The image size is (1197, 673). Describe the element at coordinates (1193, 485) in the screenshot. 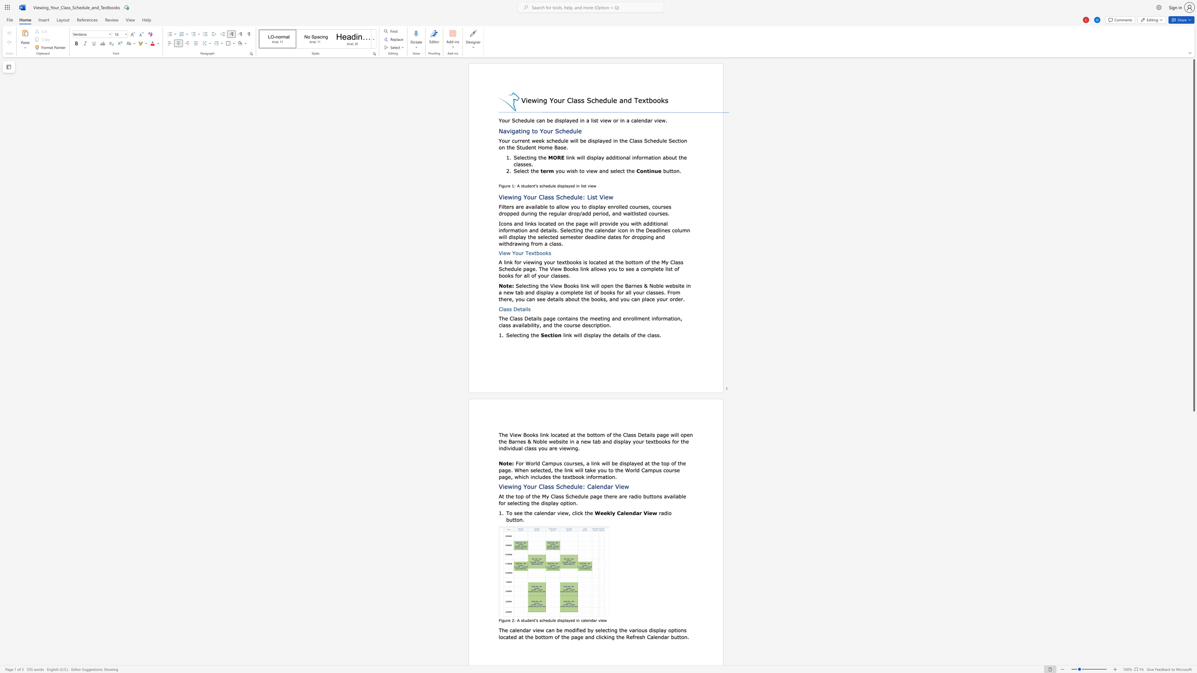

I see `the scrollbar to move the page down` at that location.